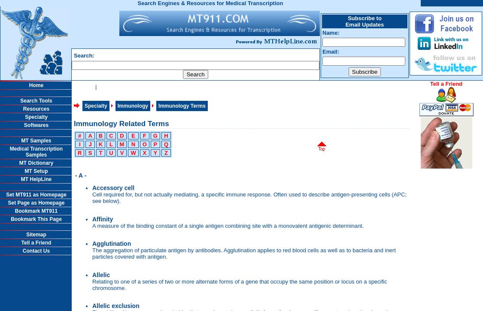 Image resolution: width=483 pixels, height=311 pixels. I want to click on 'G', so click(152, 136).